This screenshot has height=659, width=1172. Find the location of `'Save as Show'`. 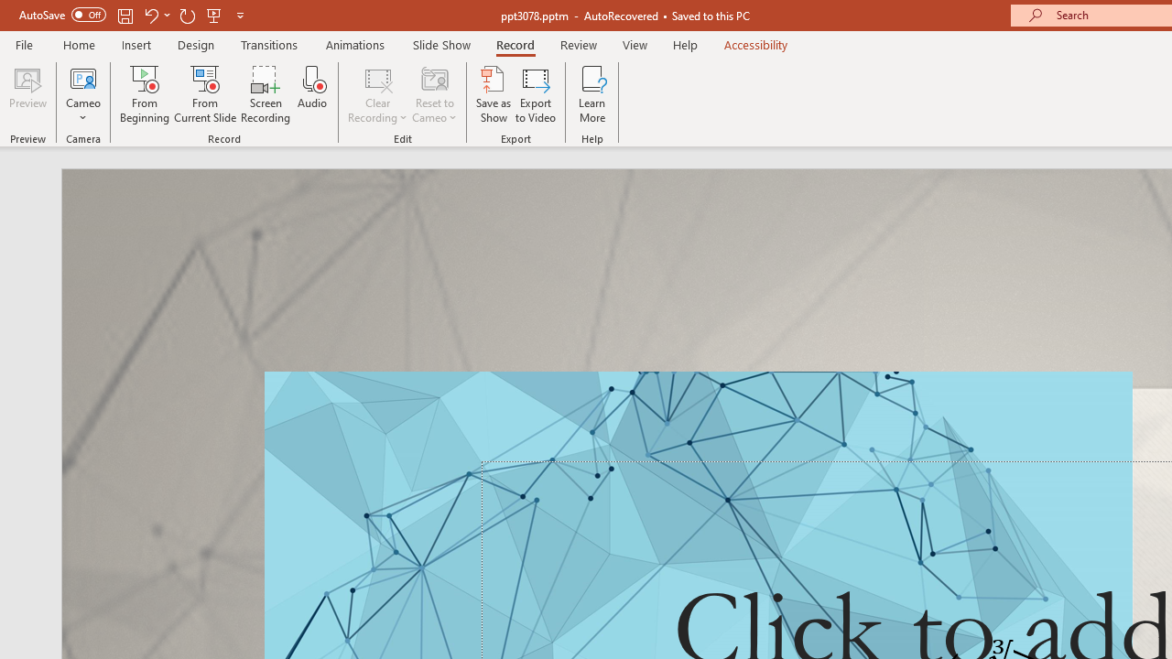

'Save as Show' is located at coordinates (494, 94).